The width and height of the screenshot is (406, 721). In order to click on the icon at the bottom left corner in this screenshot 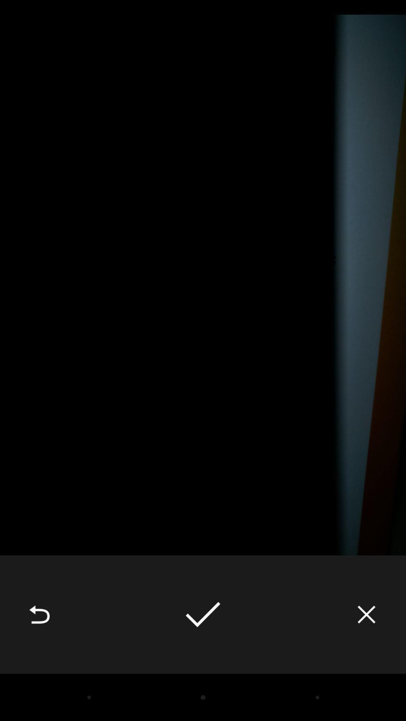, I will do `click(39, 614)`.